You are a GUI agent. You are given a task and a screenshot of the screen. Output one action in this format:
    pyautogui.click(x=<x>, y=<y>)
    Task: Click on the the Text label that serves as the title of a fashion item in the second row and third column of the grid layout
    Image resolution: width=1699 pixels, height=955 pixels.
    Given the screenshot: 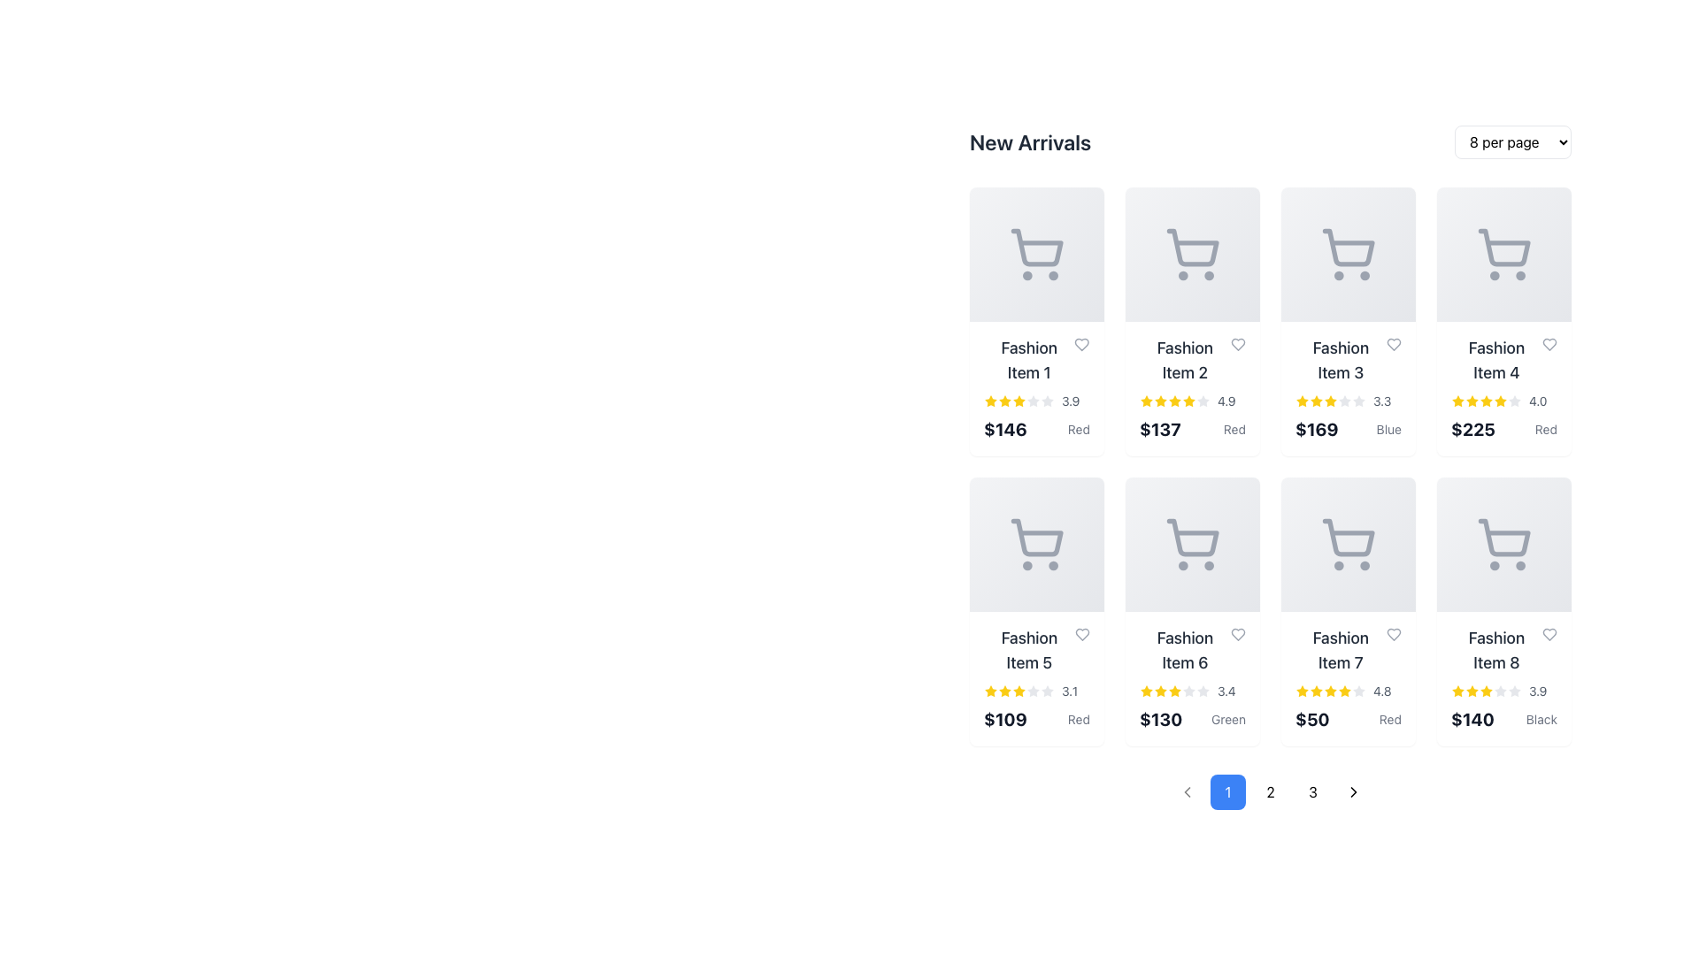 What is the action you would take?
    pyautogui.click(x=1347, y=360)
    